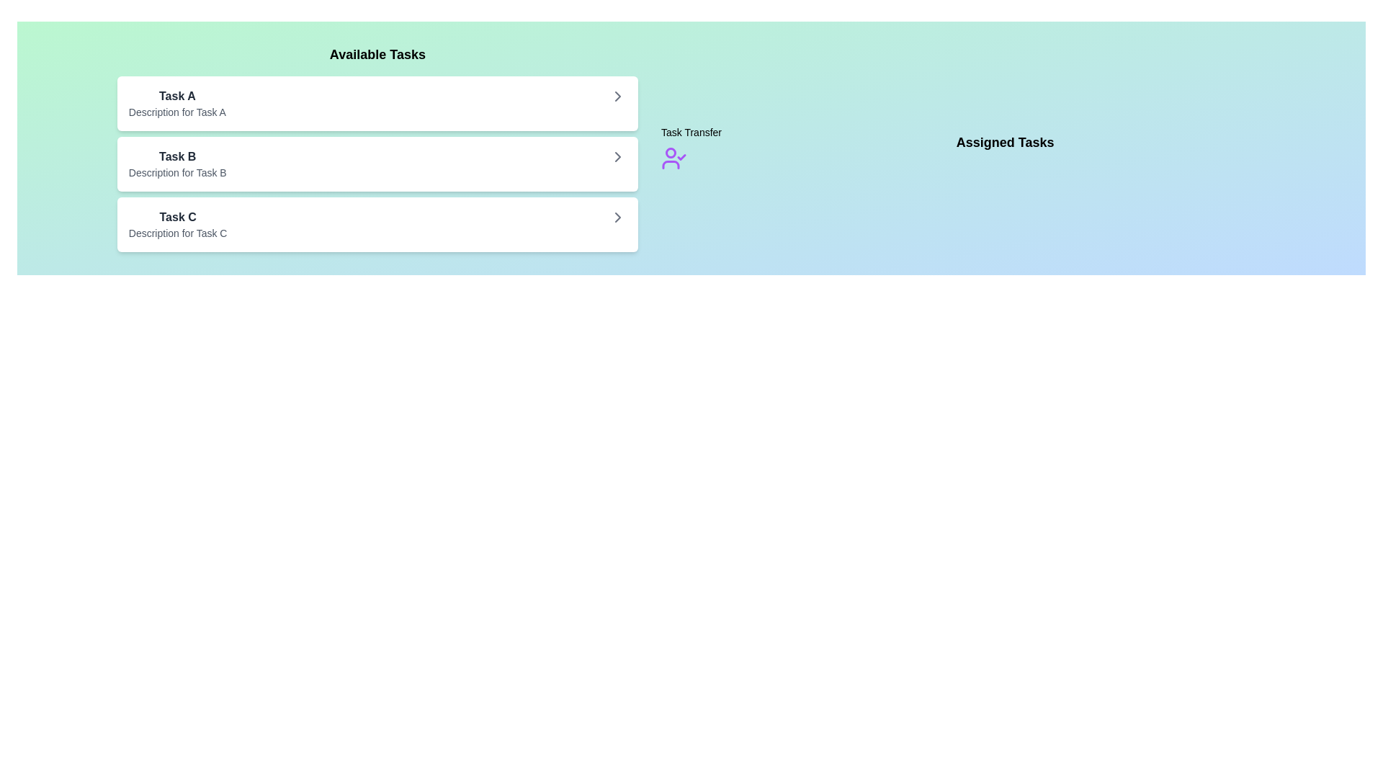  What do you see at coordinates (377, 102) in the screenshot?
I see `the task item Task A in the list` at bounding box center [377, 102].